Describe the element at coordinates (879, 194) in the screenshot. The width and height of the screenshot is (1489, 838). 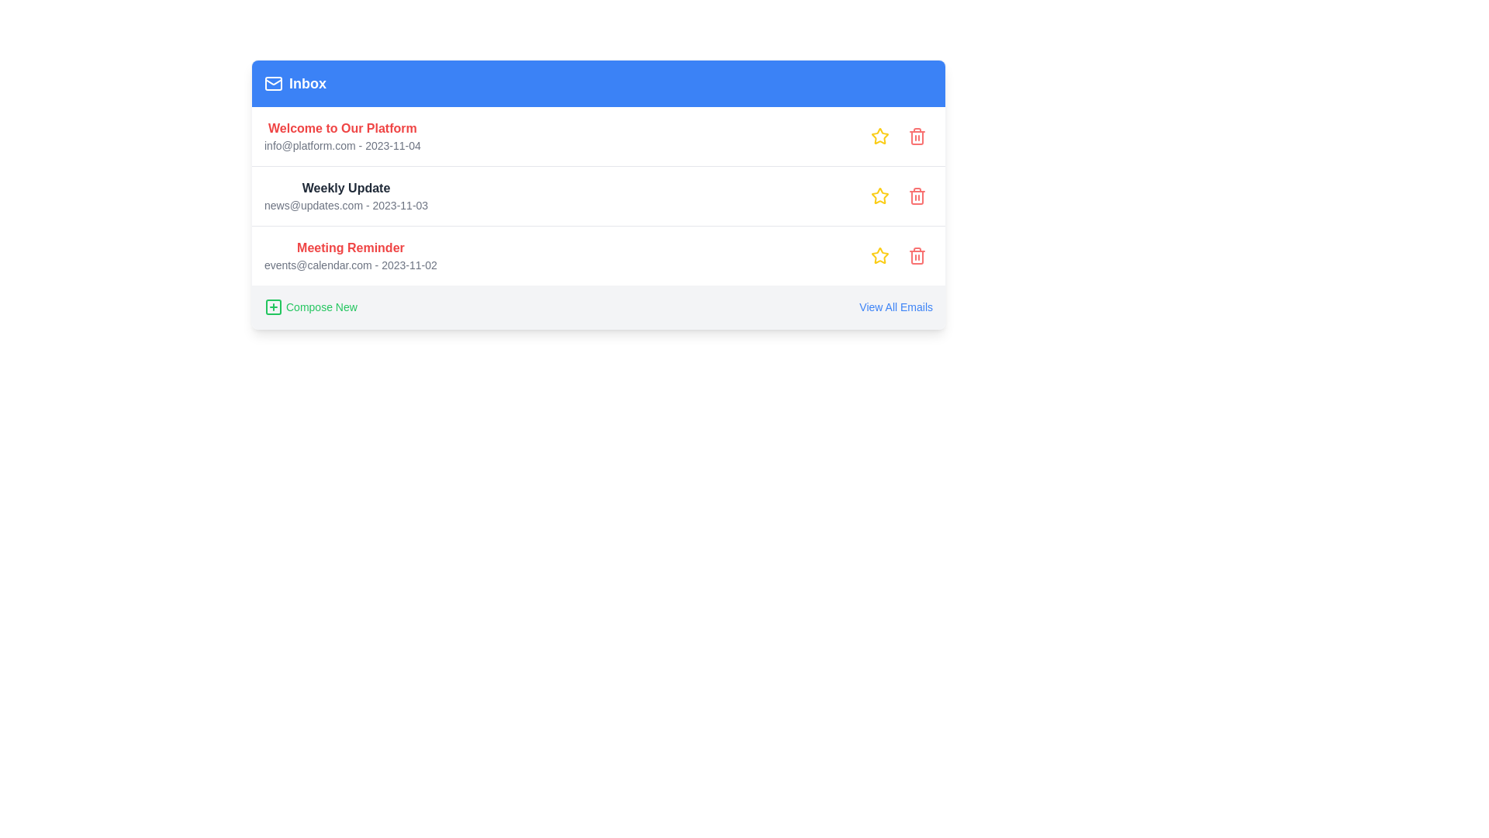
I see `the second star icon in the email list, located to the right of 'Weekly Update' and above the star icon for 'Meeting Reminder'` at that location.